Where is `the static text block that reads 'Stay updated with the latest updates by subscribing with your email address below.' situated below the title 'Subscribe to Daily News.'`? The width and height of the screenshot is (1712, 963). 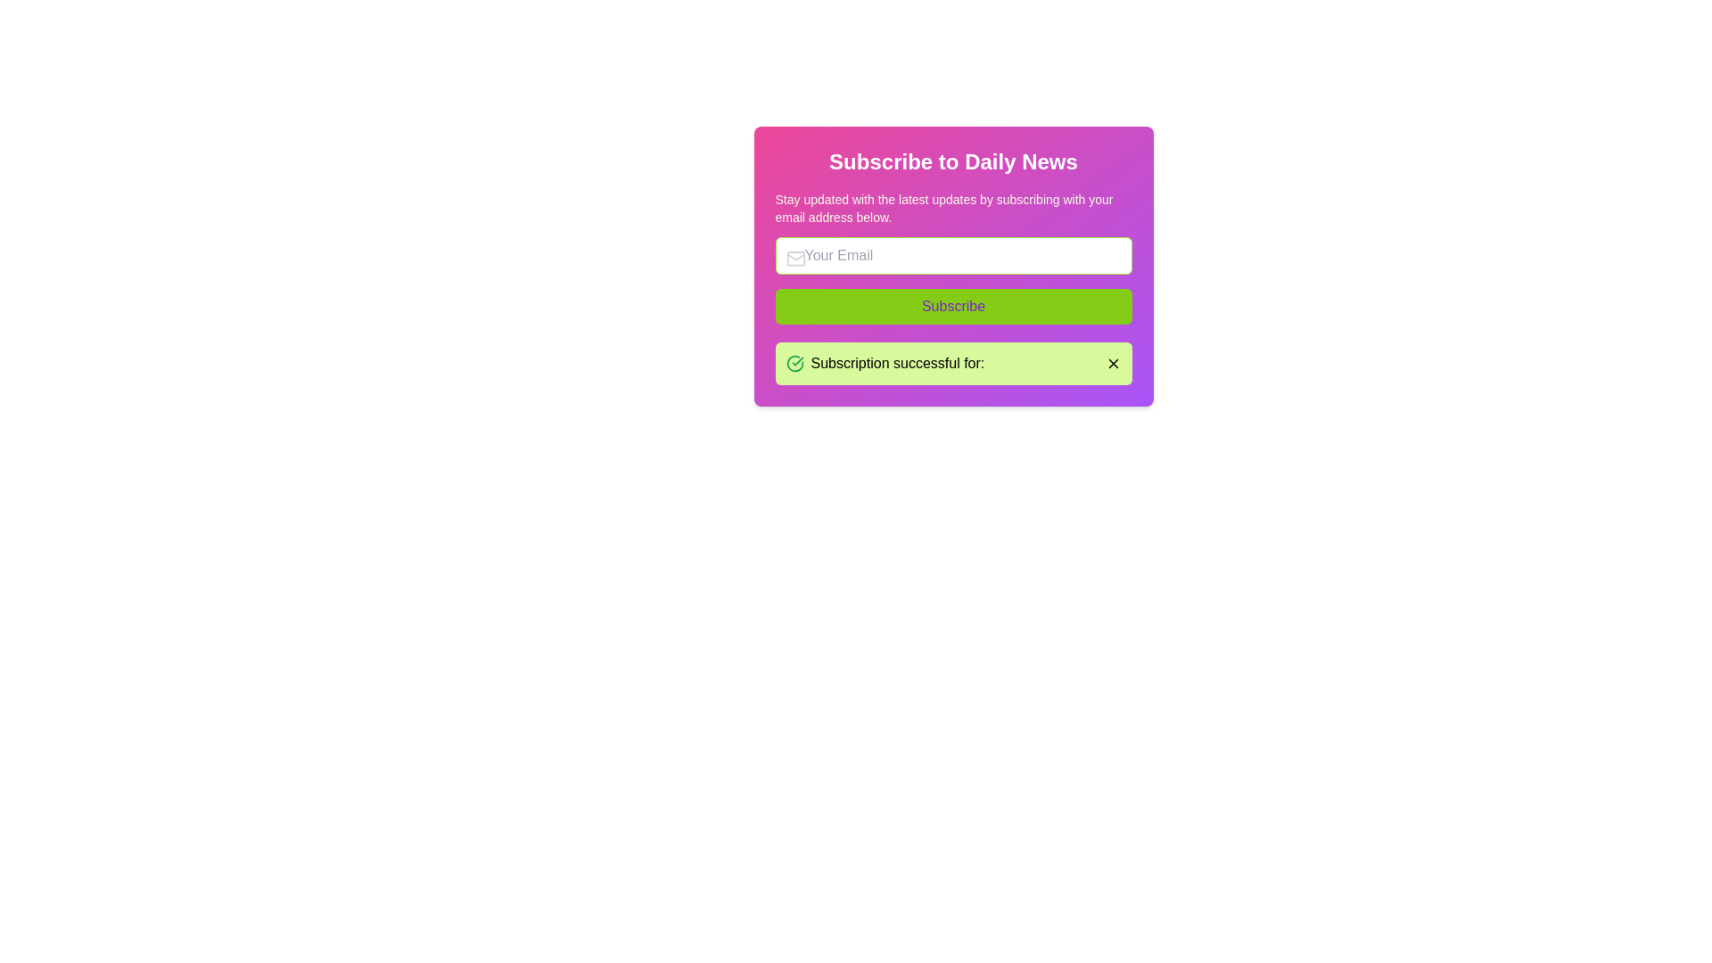 the static text block that reads 'Stay updated with the latest updates by subscribing with your email address below.' situated below the title 'Subscribe to Daily News.' is located at coordinates (952, 208).